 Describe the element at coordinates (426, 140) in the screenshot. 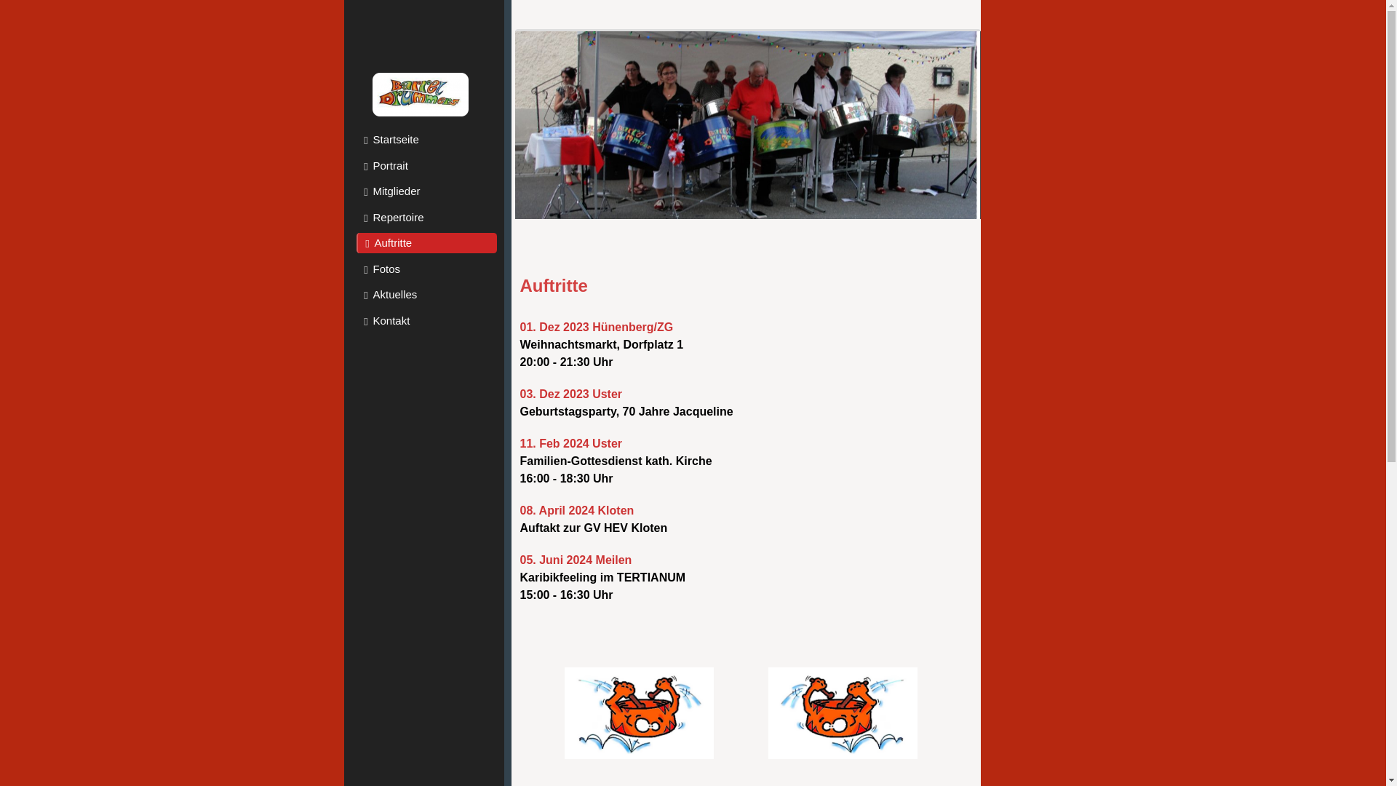

I see `'Startseite'` at that location.